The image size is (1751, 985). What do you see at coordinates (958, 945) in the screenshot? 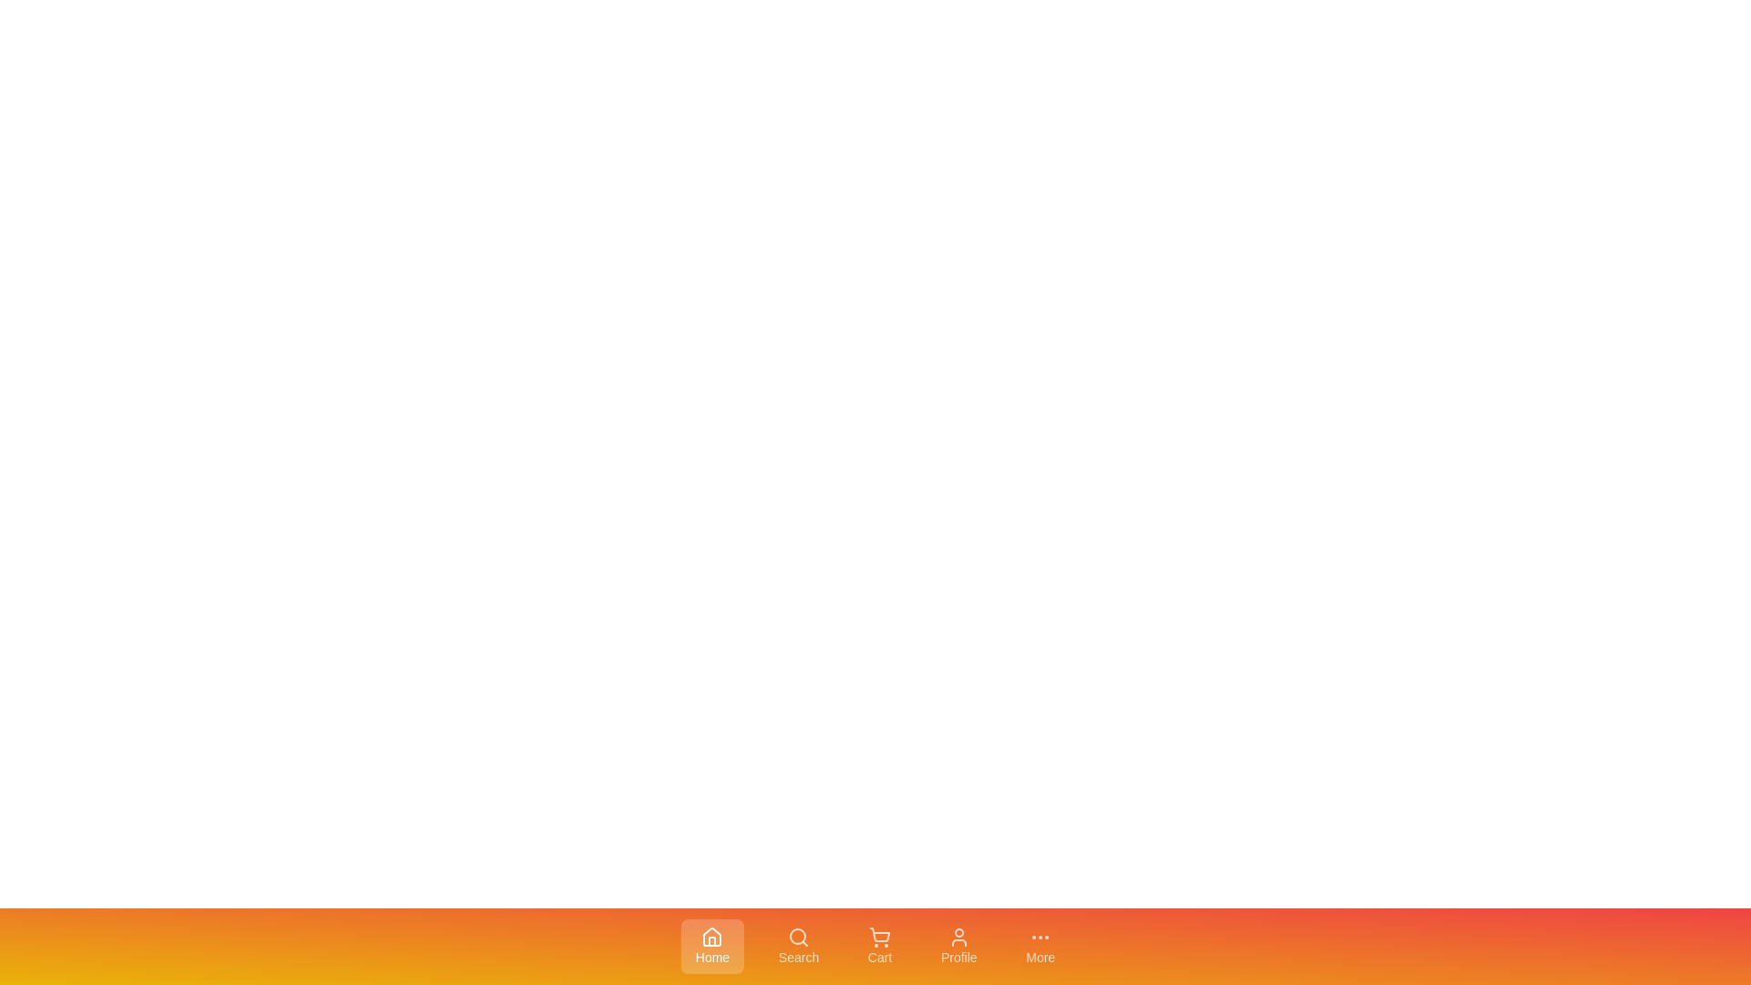
I see `the tab labeled Profile` at bounding box center [958, 945].